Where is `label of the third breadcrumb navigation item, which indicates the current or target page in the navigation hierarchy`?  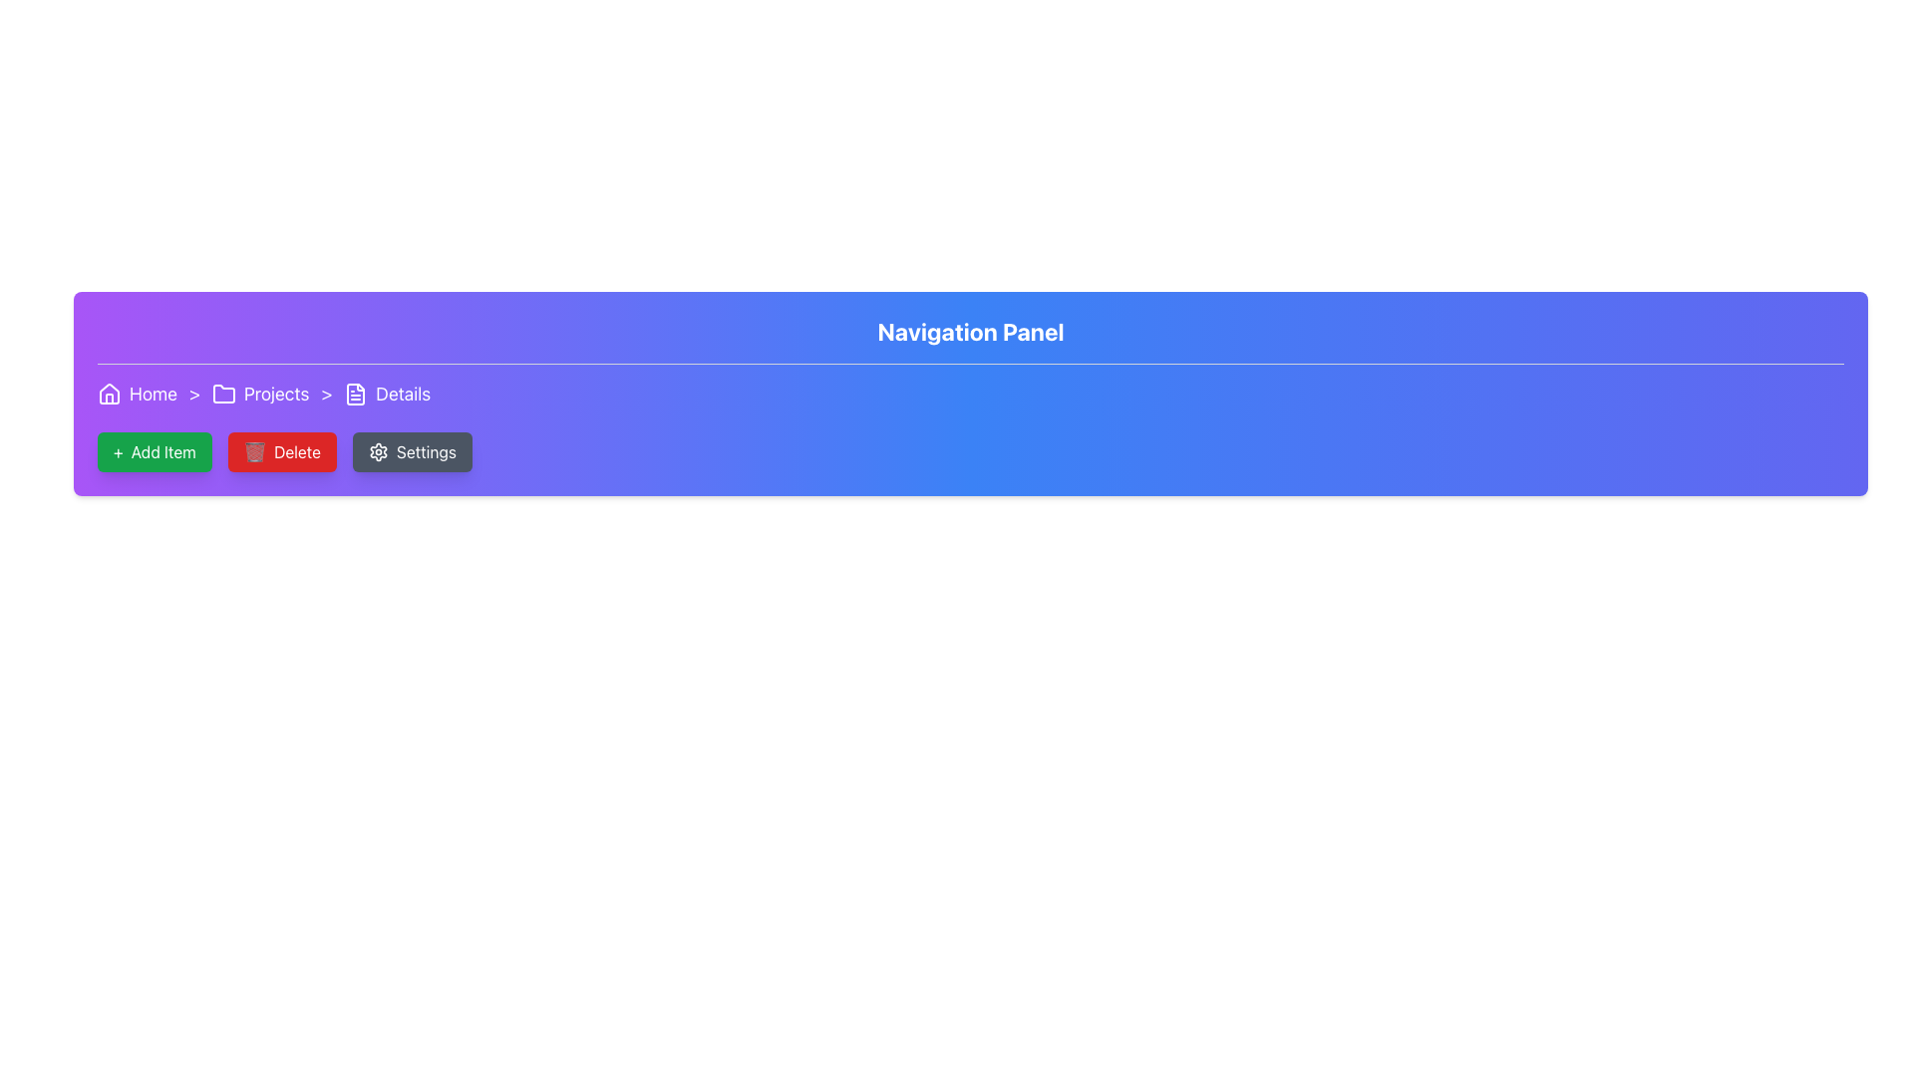
label of the third breadcrumb navigation item, which indicates the current or target page in the navigation hierarchy is located at coordinates (387, 395).